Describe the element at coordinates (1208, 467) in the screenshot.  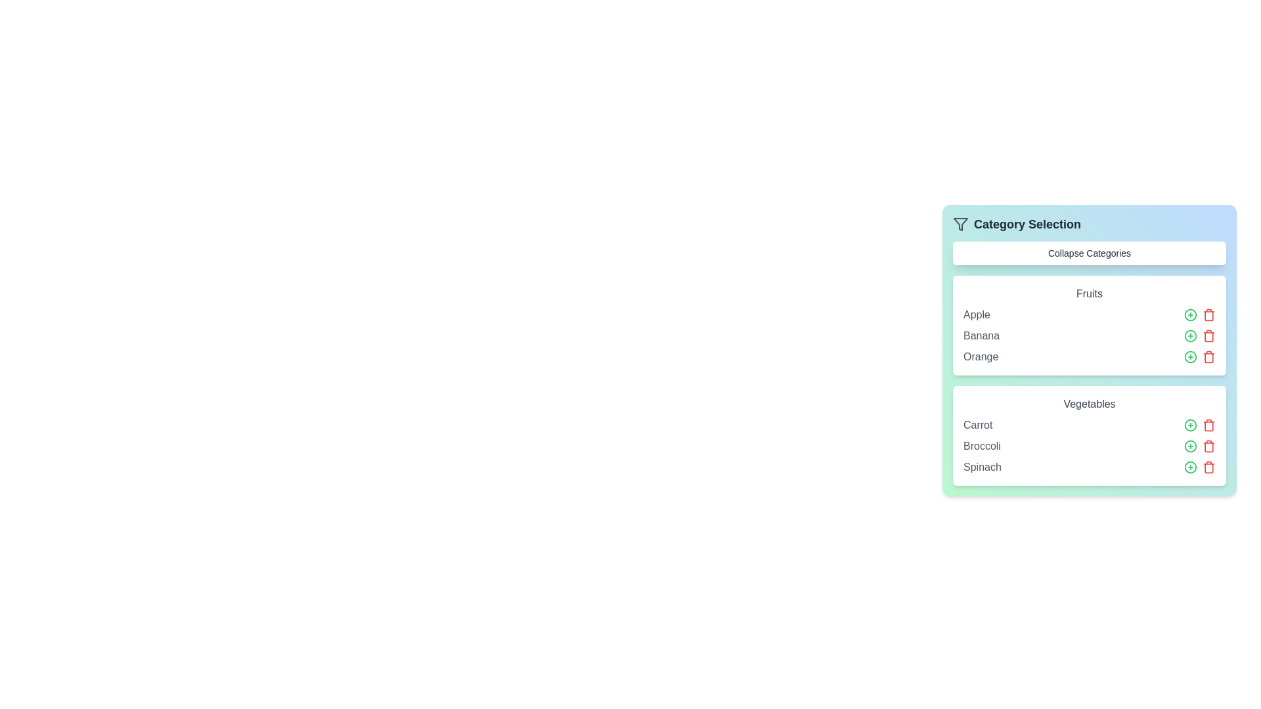
I see `the trash icon next to the item Spinach to remove it from the list` at that location.